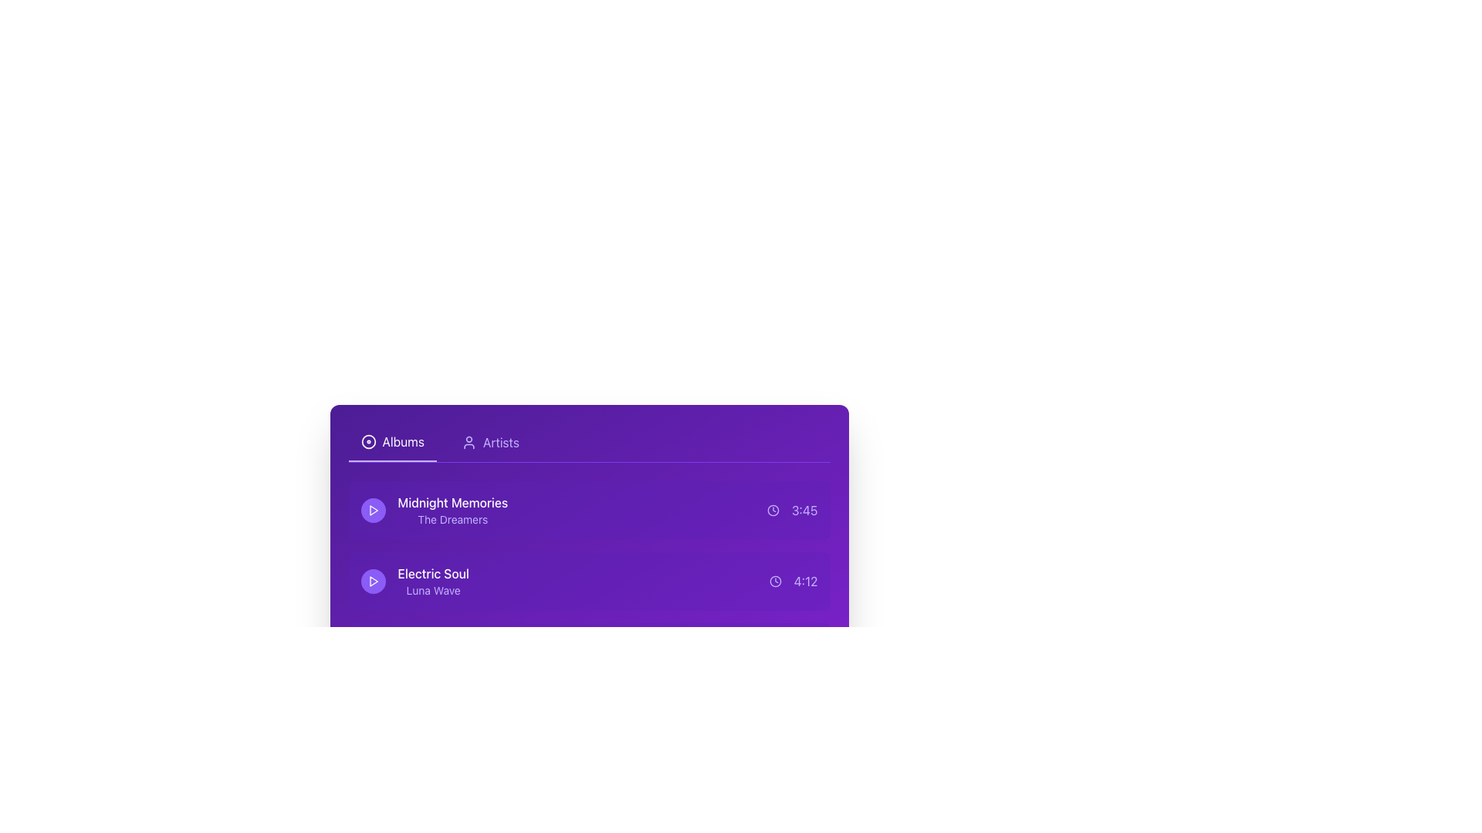 The height and width of the screenshot is (833, 1482). I want to click on the text label displaying 'Midnight Memories' and 'The Dreamers', positioned on a purple background and to the right of the play button icon, so click(433, 511).